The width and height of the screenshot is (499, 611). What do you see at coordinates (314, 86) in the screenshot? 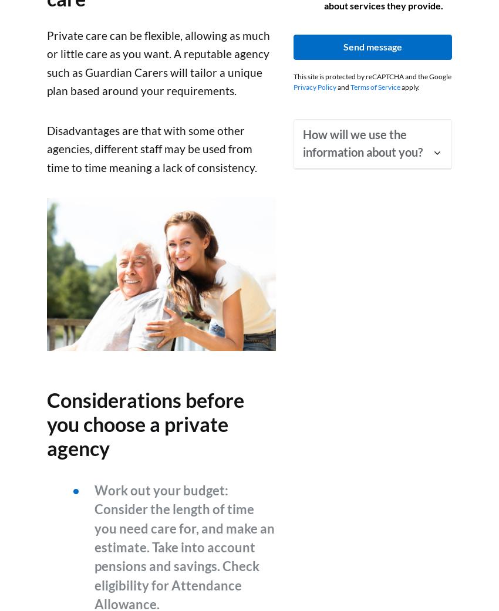
I see `'Privacy Policy'` at bounding box center [314, 86].